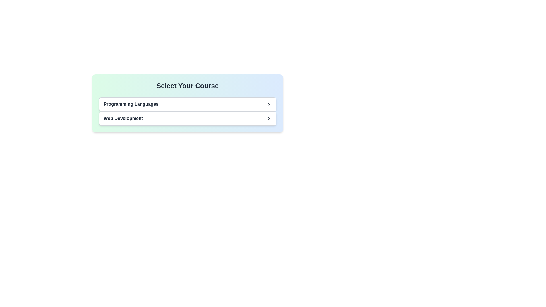 Image resolution: width=546 pixels, height=307 pixels. What do you see at coordinates (268, 104) in the screenshot?
I see `the icon at the right end of the 'Programming Languages' list item to trigger a visual effect or tooltip` at bounding box center [268, 104].